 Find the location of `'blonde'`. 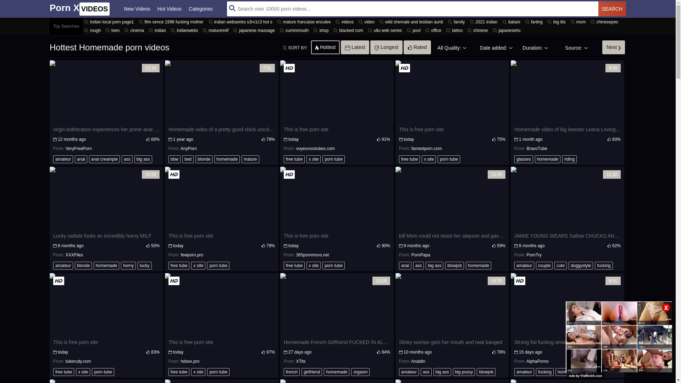

'blonde' is located at coordinates (204, 159).